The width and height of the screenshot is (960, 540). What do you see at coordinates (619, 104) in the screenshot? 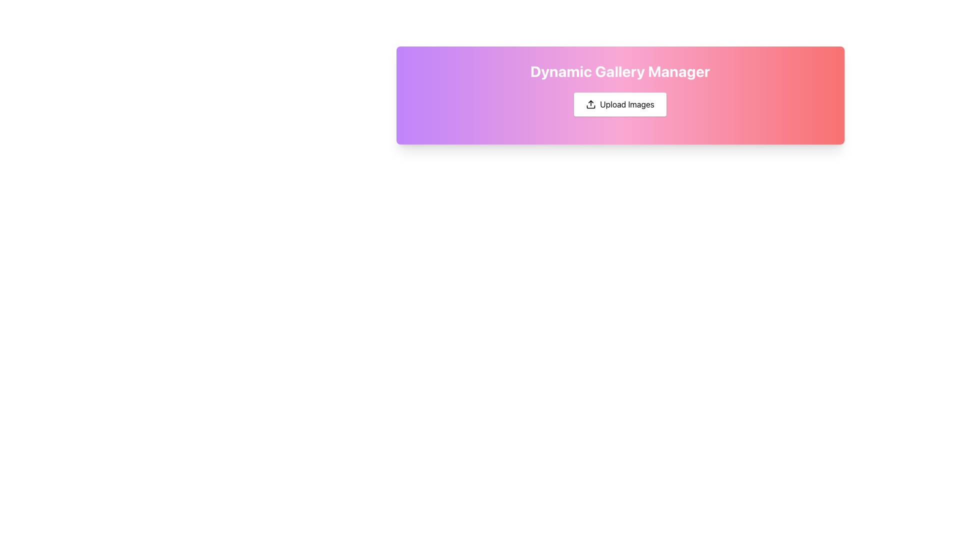
I see `the upload button located below the 'Dynamic Gallery Manager' text label` at bounding box center [619, 104].